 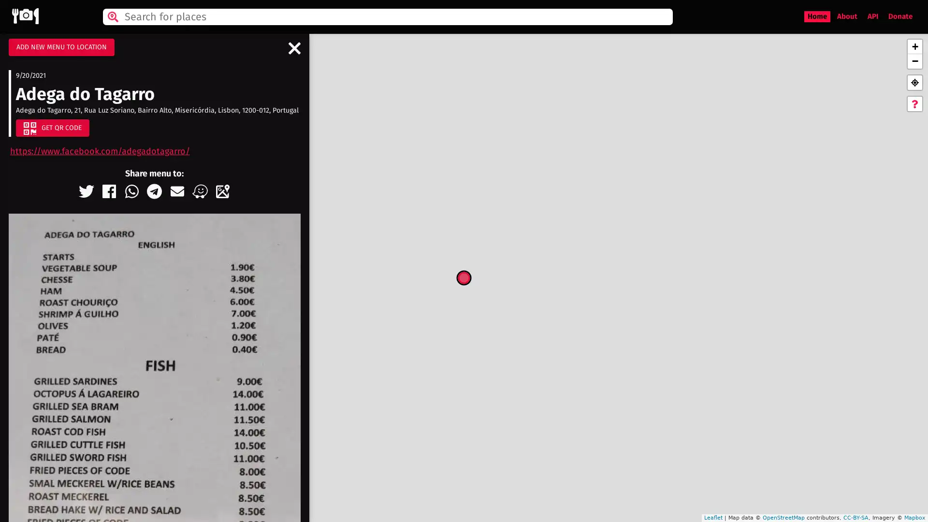 I want to click on GPS location, so click(x=914, y=82).